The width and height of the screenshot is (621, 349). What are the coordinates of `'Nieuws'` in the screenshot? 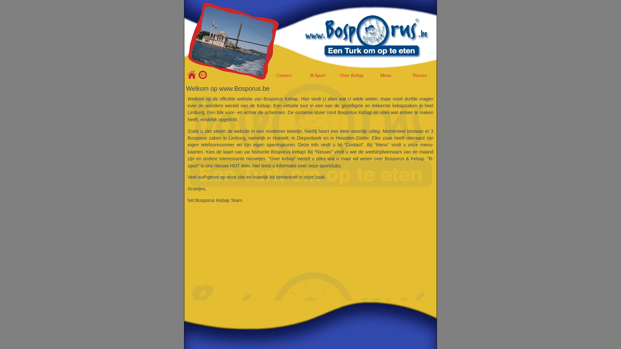 It's located at (403, 75).